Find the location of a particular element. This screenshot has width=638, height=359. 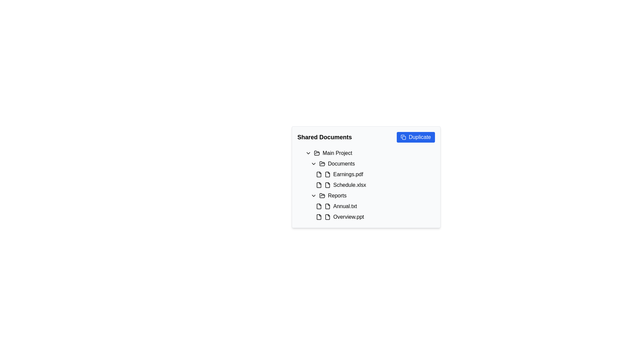

the 'Shared Documents' text label, which is styled in bold and slightly larger than surrounding text, located at the top-left corner of its section, adjacent to the 'Duplicate' button is located at coordinates (325, 137).